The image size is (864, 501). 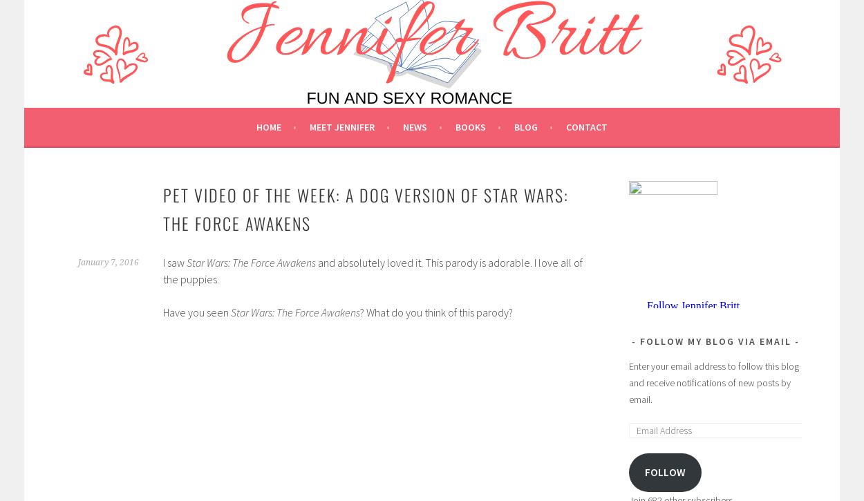 What do you see at coordinates (197, 311) in the screenshot?
I see `'Have you seen'` at bounding box center [197, 311].